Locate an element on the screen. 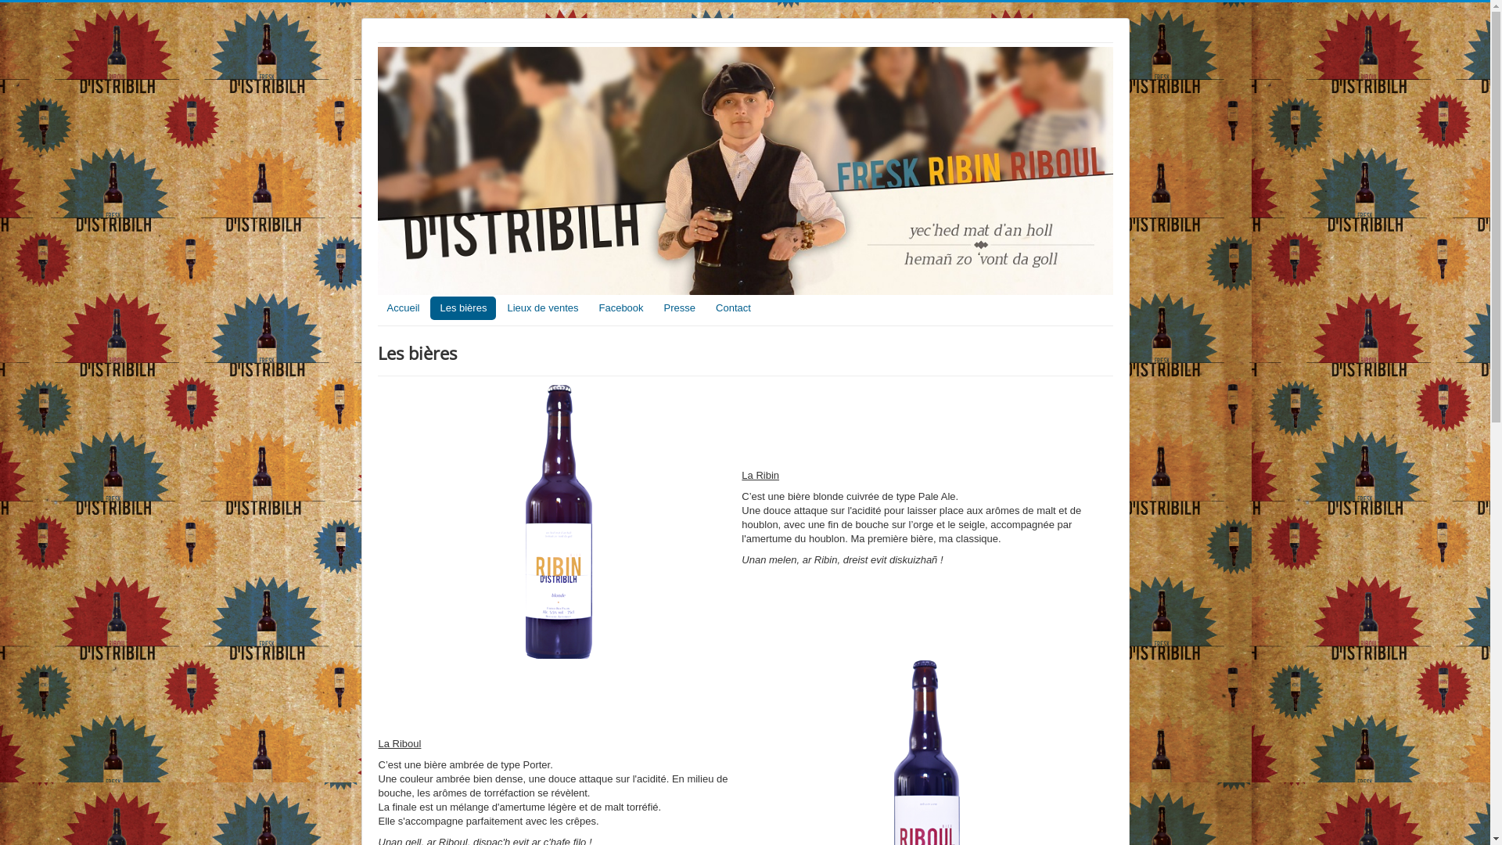  'Lieux de ventes' is located at coordinates (496, 307).